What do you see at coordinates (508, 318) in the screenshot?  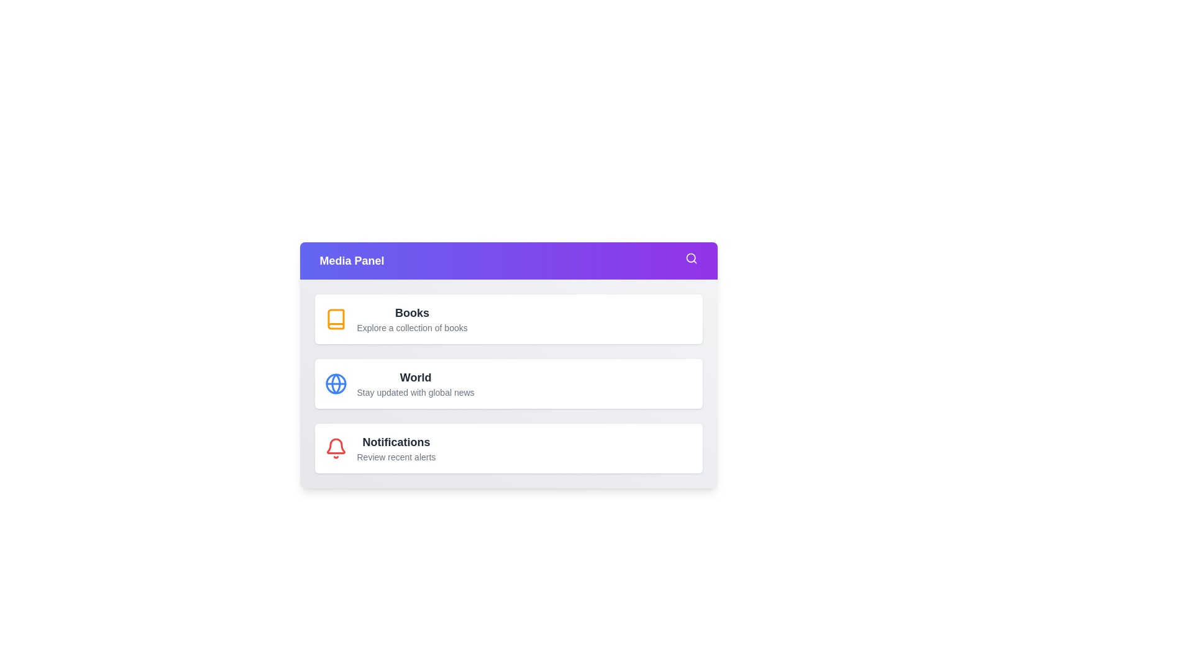 I see `the menu item Books by clicking on it` at bounding box center [508, 318].